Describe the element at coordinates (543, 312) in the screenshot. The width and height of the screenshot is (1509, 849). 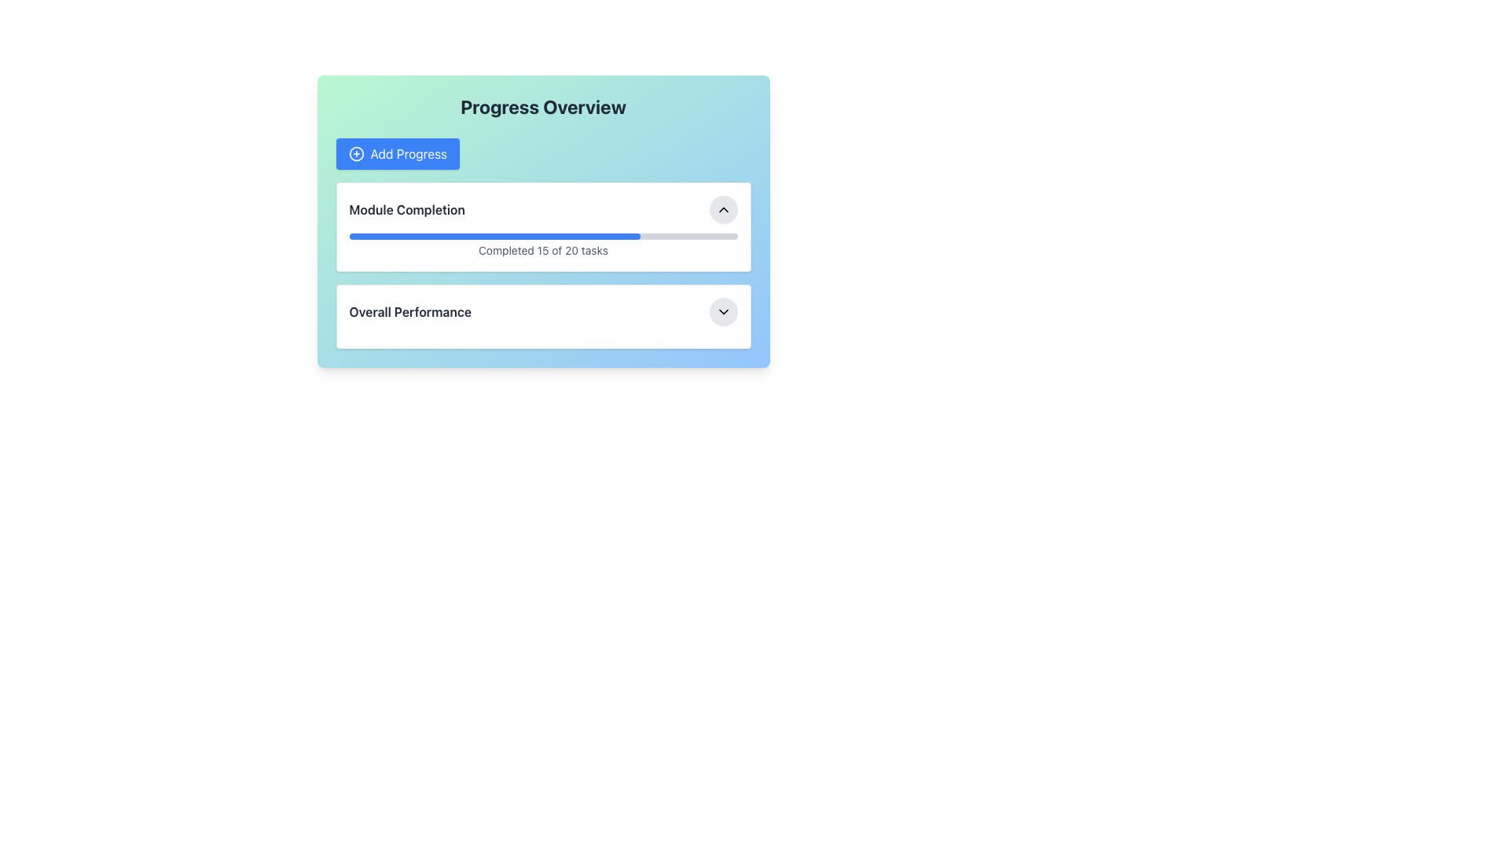
I see `the Labeled dropdown menu section titled 'Overall Performance', which features a circular dropdown button on the right` at that location.